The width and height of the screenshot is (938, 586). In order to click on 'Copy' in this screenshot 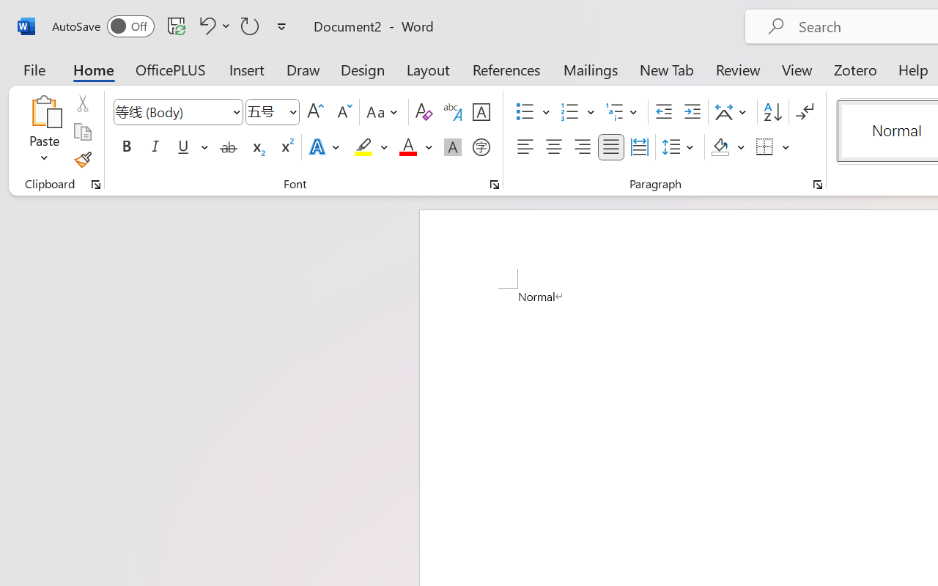, I will do `click(81, 131)`.